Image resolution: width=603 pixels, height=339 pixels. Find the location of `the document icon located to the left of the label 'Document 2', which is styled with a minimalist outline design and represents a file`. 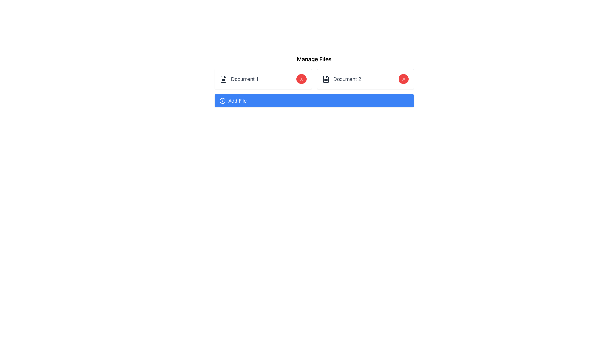

the document icon located to the left of the label 'Document 2', which is styled with a minimalist outline design and represents a file is located at coordinates (326, 78).